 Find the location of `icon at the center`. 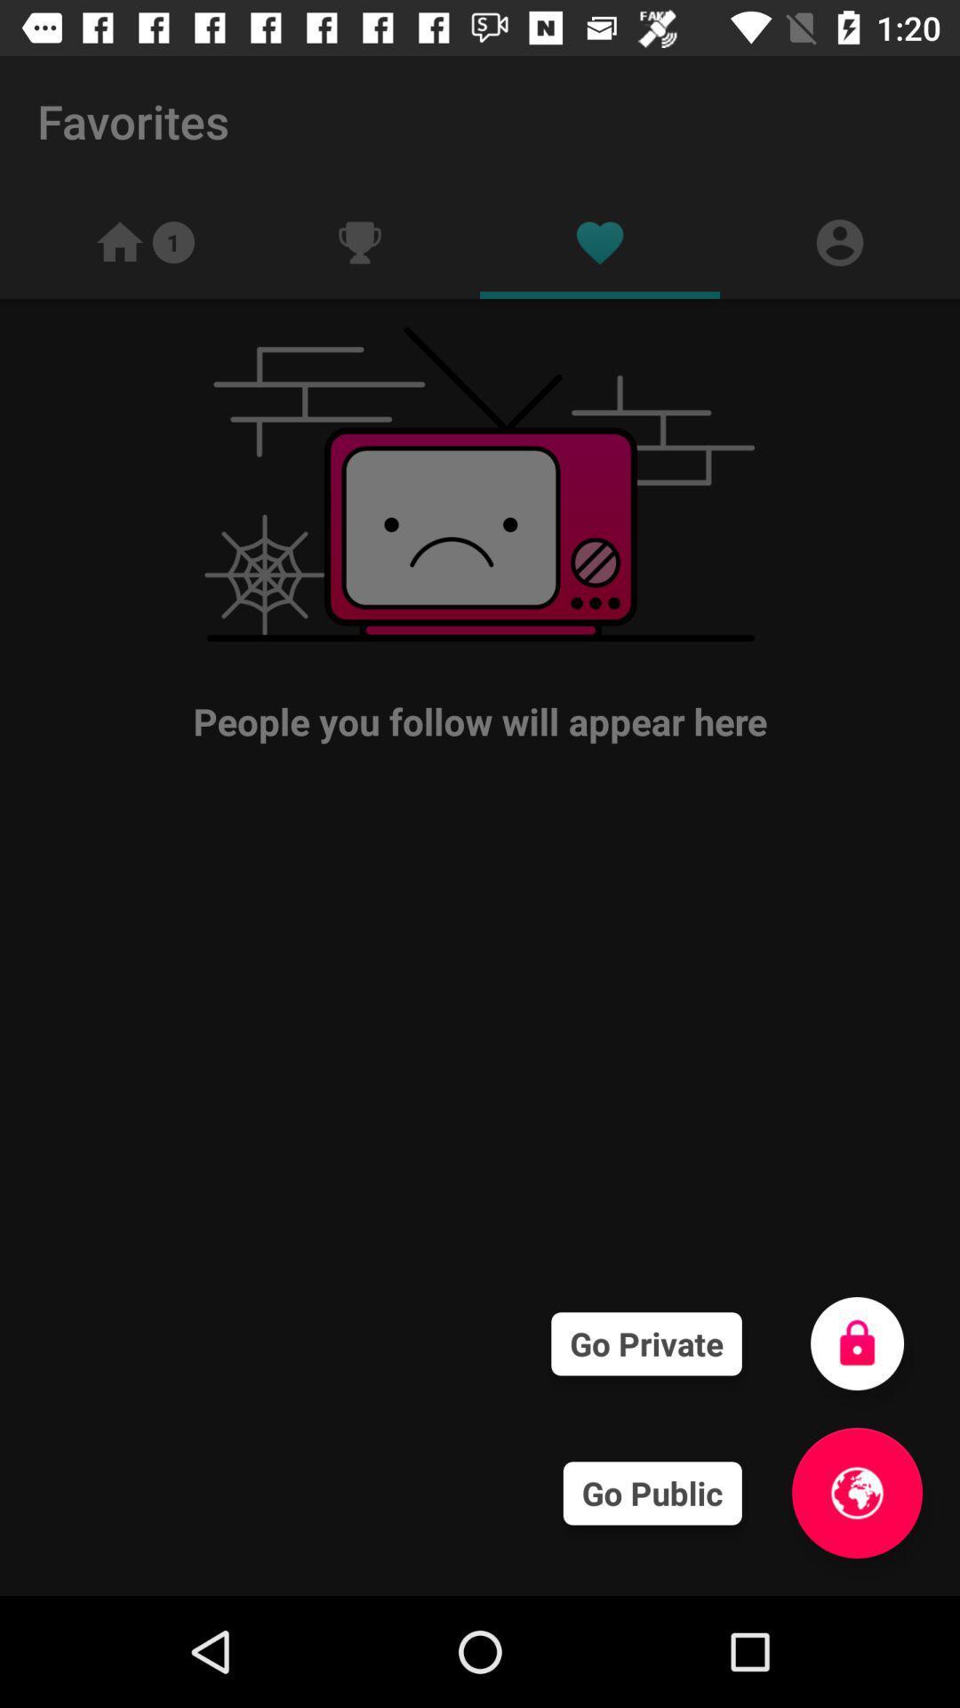

icon at the center is located at coordinates (480, 825).